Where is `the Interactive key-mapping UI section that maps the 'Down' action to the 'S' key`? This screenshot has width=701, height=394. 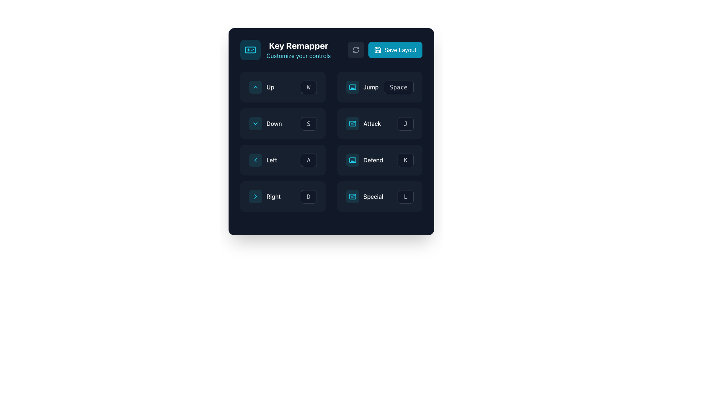 the Interactive key-mapping UI section that maps the 'Down' action to the 'S' key is located at coordinates (282, 123).